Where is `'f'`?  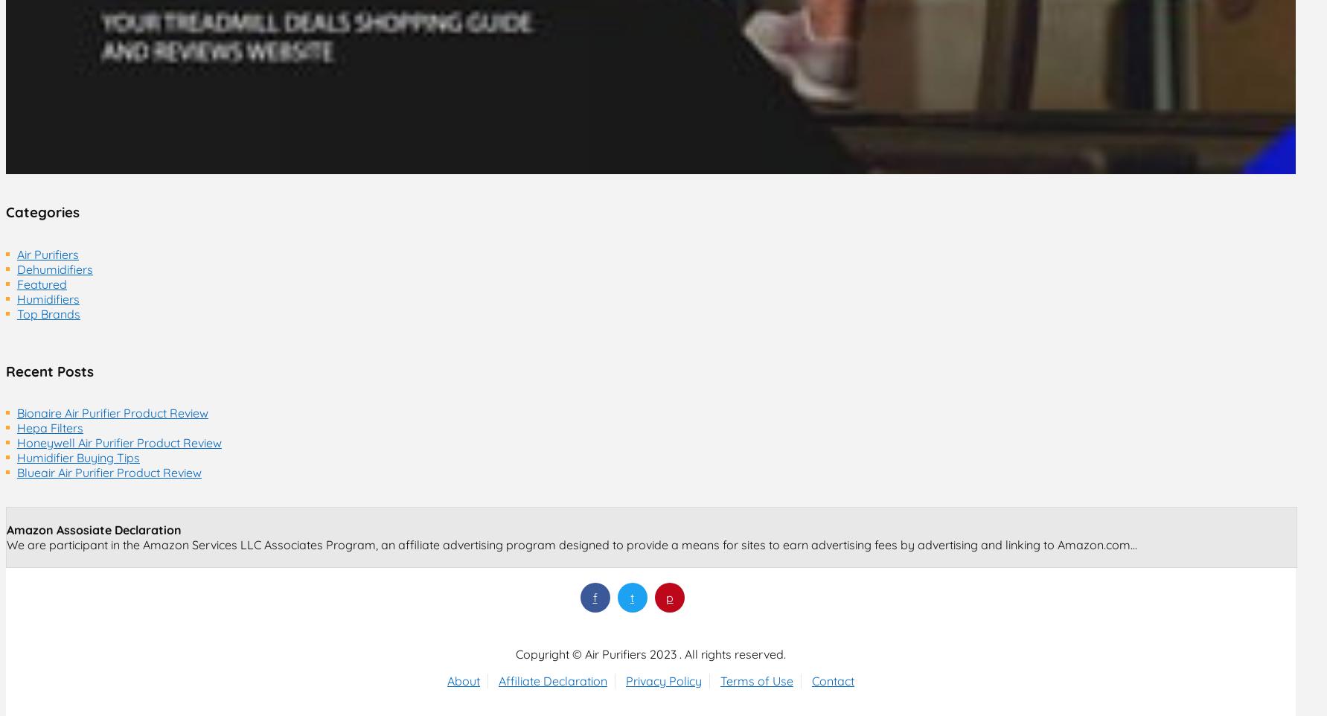
'f' is located at coordinates (594, 596).